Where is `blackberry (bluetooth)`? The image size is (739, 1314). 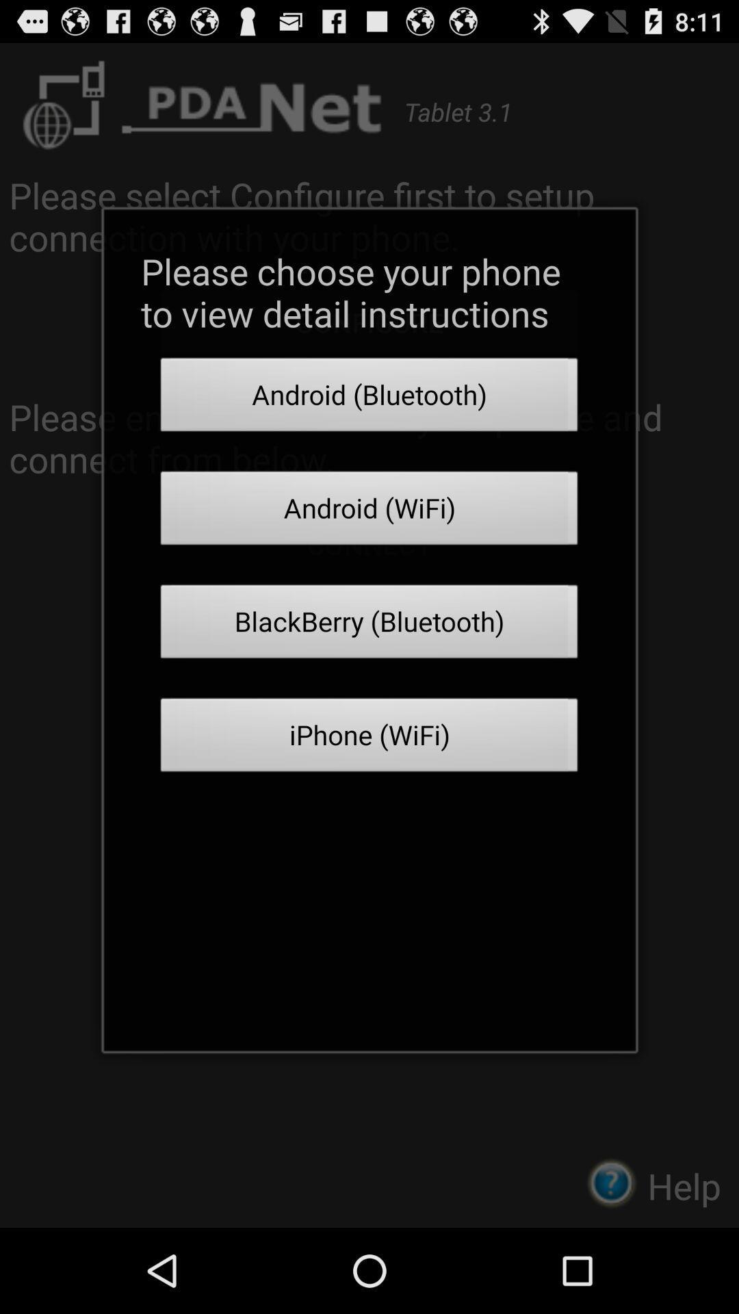 blackberry (bluetooth) is located at coordinates (369, 625).